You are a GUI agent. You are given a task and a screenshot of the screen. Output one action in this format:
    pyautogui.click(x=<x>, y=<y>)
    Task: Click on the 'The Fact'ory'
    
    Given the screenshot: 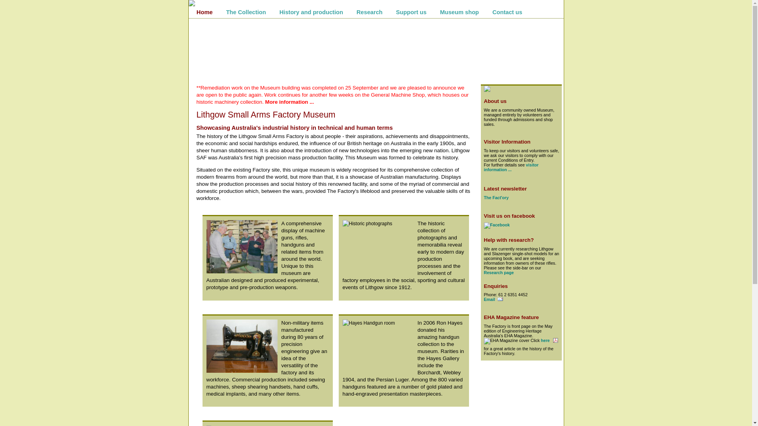 What is the action you would take?
    pyautogui.click(x=483, y=197)
    